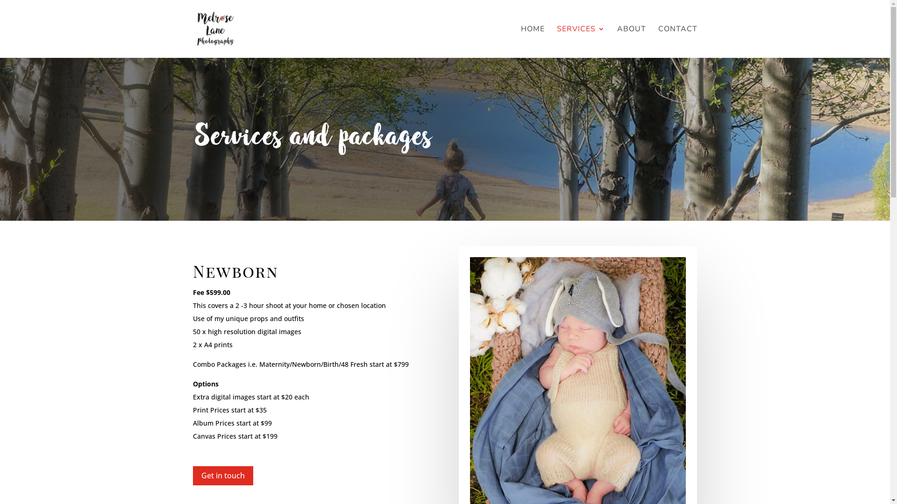  I want to click on 'SERVICES', so click(580, 41).